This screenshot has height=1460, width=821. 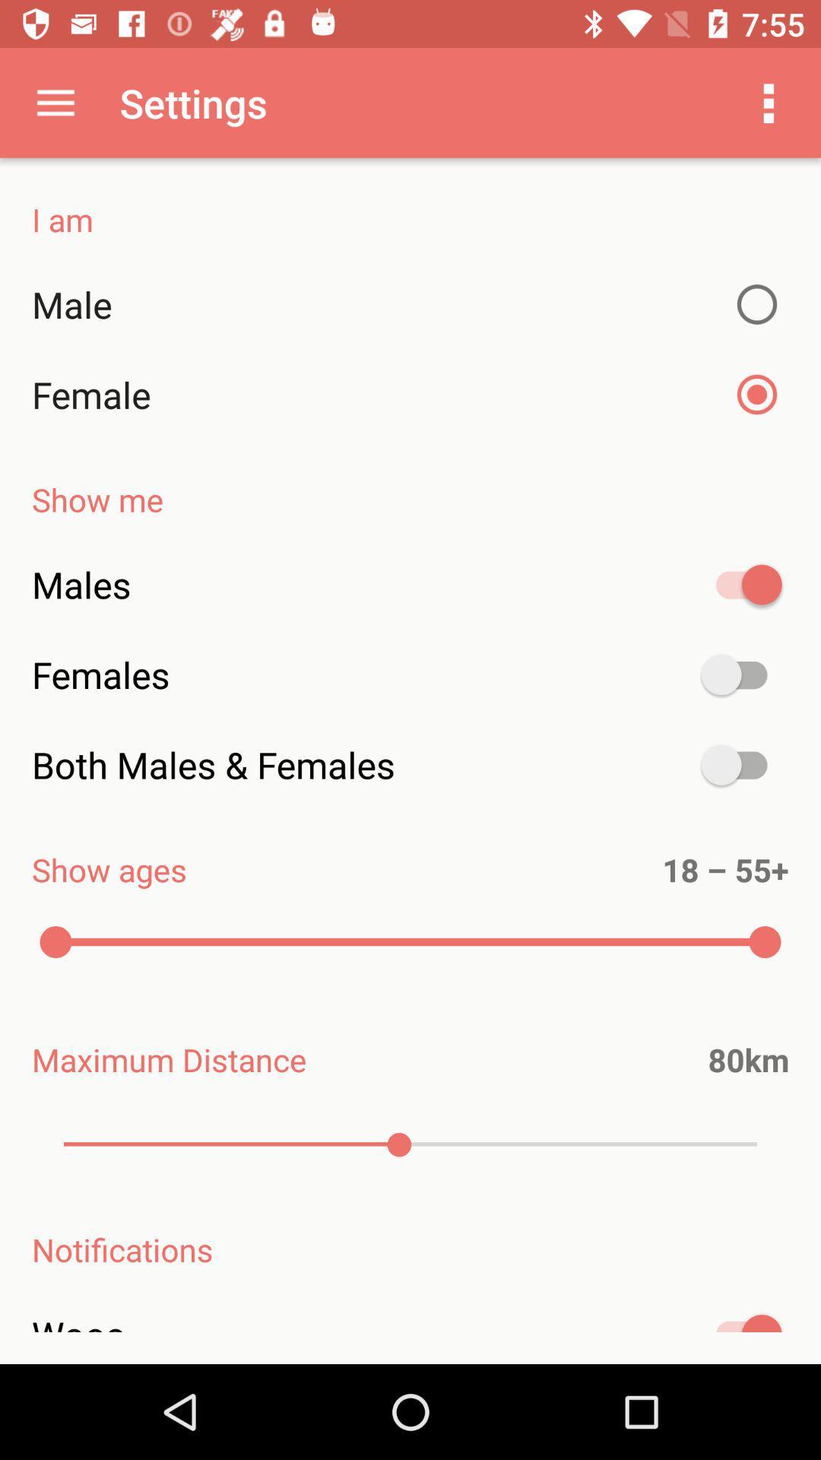 What do you see at coordinates (410, 304) in the screenshot?
I see `the male icon` at bounding box center [410, 304].